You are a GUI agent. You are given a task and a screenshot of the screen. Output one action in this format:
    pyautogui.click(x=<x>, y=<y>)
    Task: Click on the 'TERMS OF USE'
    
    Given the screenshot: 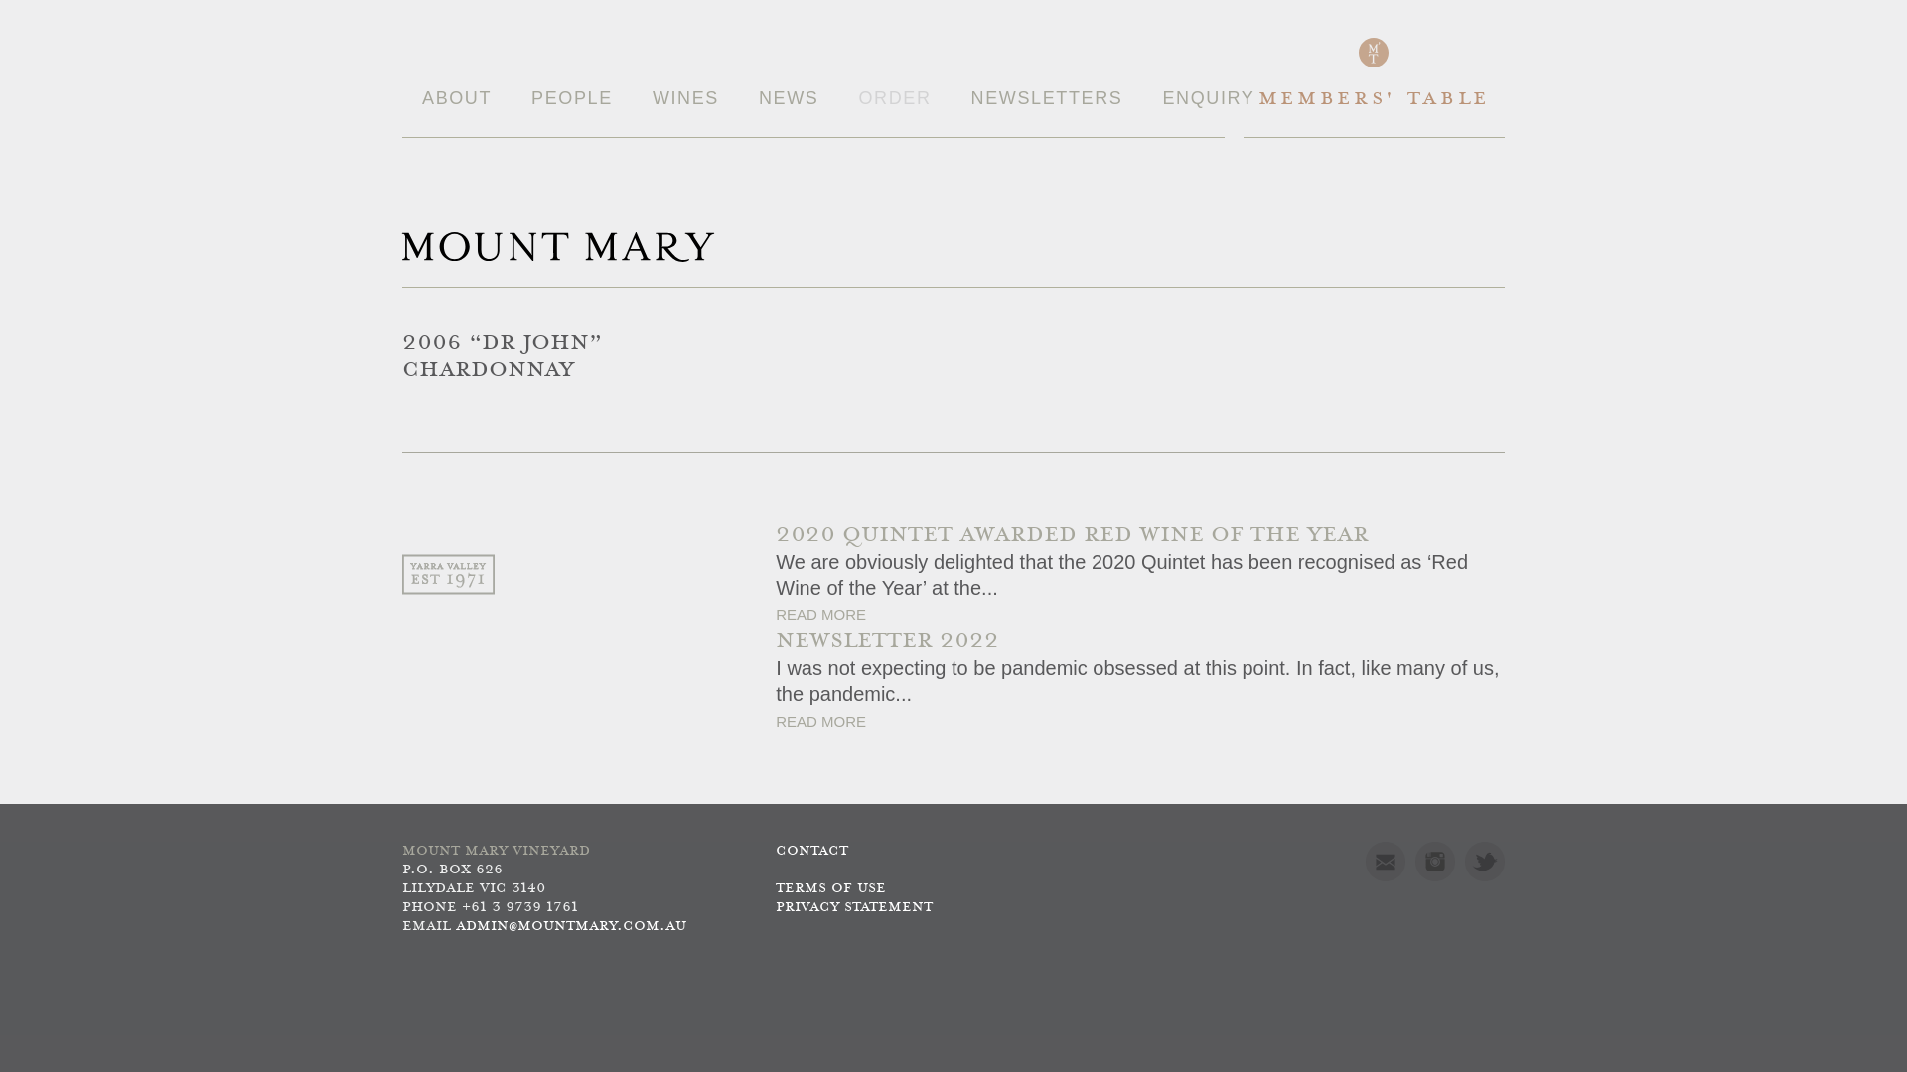 What is the action you would take?
    pyautogui.click(x=830, y=887)
    